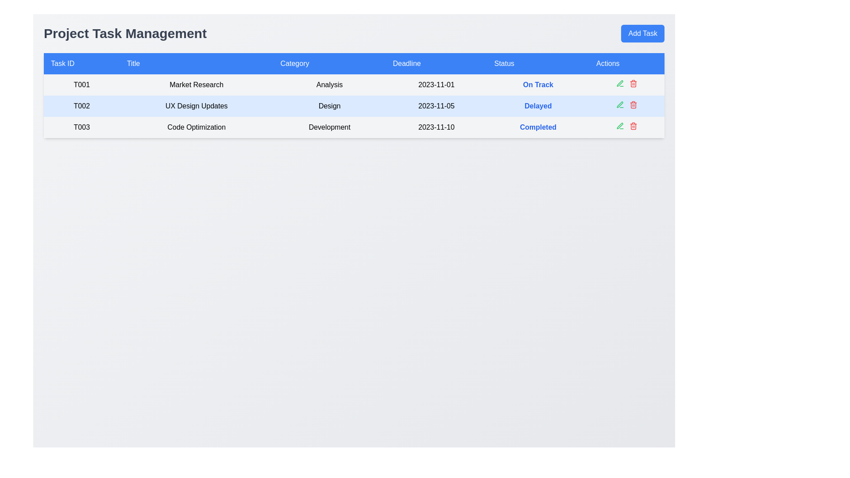  What do you see at coordinates (81, 127) in the screenshot?
I see `the text displayed in the 'Task ID' column of the third row in the project management table, which serves as the unique identifier for a specific task` at bounding box center [81, 127].